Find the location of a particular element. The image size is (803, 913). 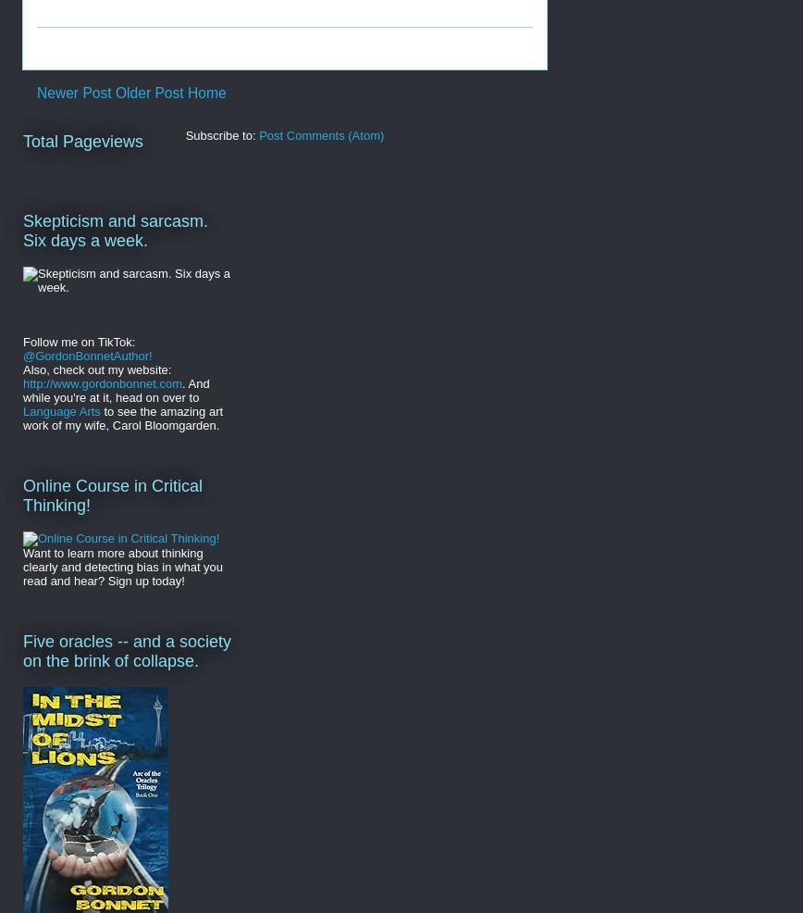

'Language Arts' is located at coordinates (61, 411).